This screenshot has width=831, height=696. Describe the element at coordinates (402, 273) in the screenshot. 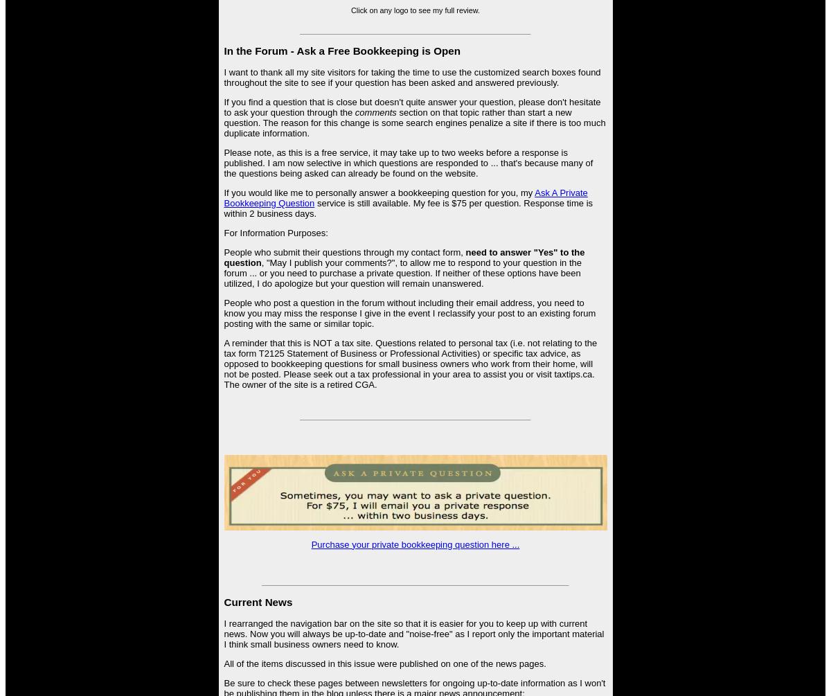

I see `', "May I publish your comments?", to allow me to respond to your question in the forum ... or you need to purchase a private question. If neither of these options have been utilized, I do apologize but your question will remain unanswered.'` at that location.